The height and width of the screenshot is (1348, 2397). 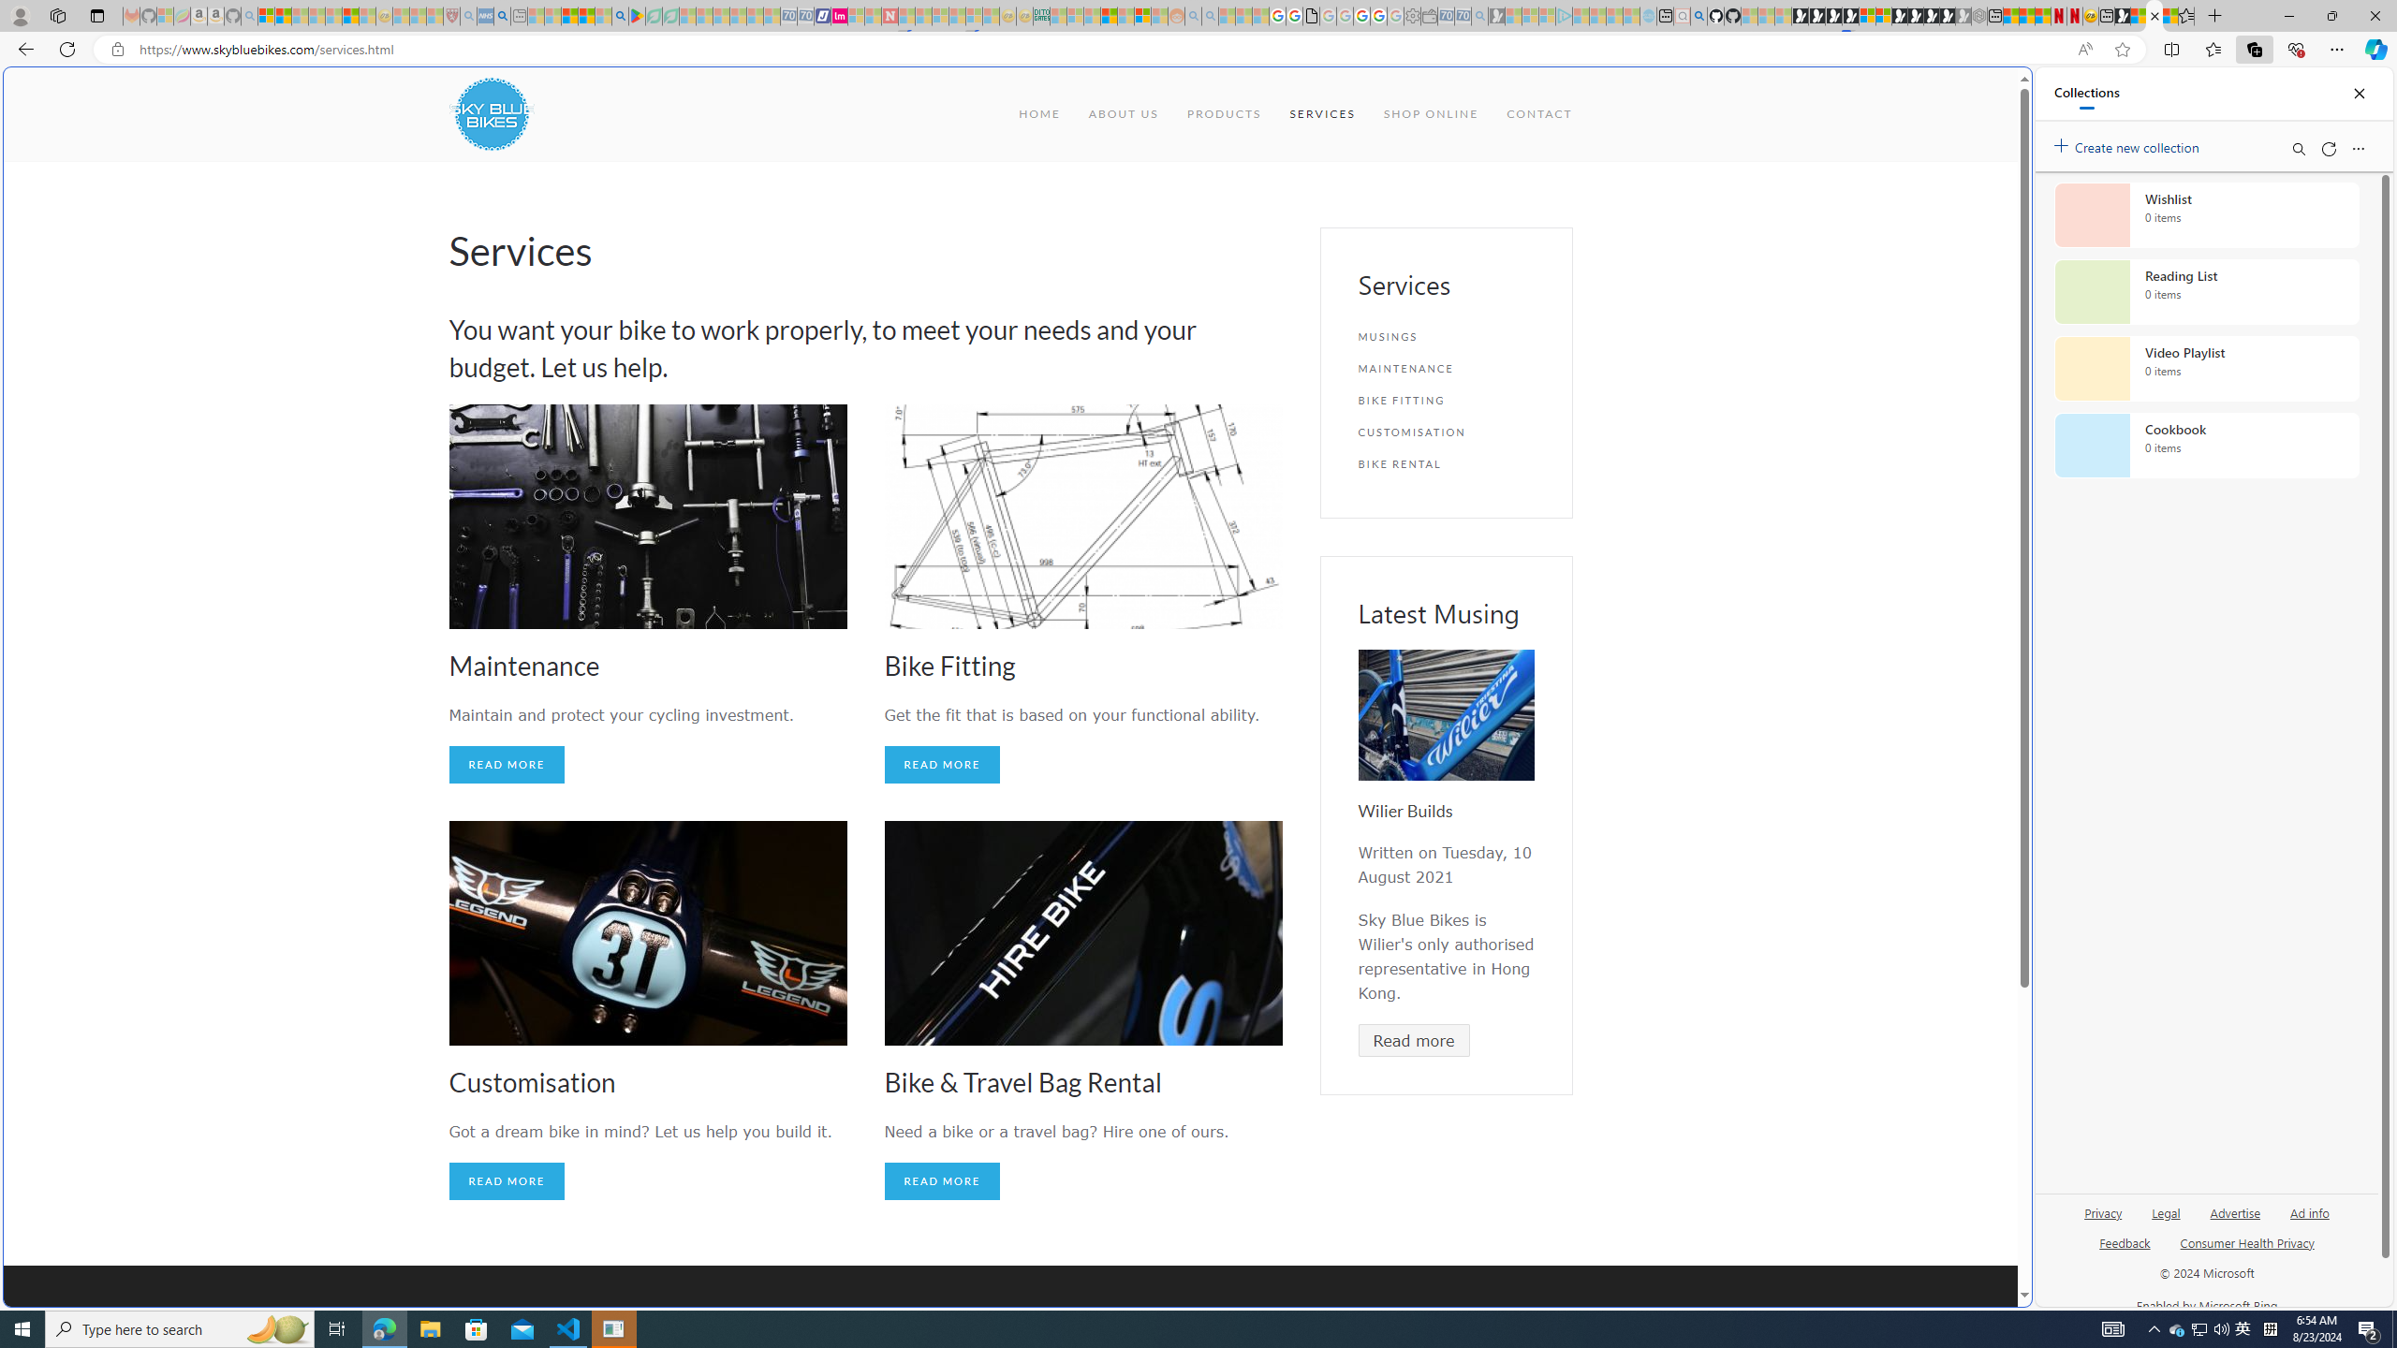 What do you see at coordinates (1446, 337) in the screenshot?
I see `'MUSINGS'` at bounding box center [1446, 337].